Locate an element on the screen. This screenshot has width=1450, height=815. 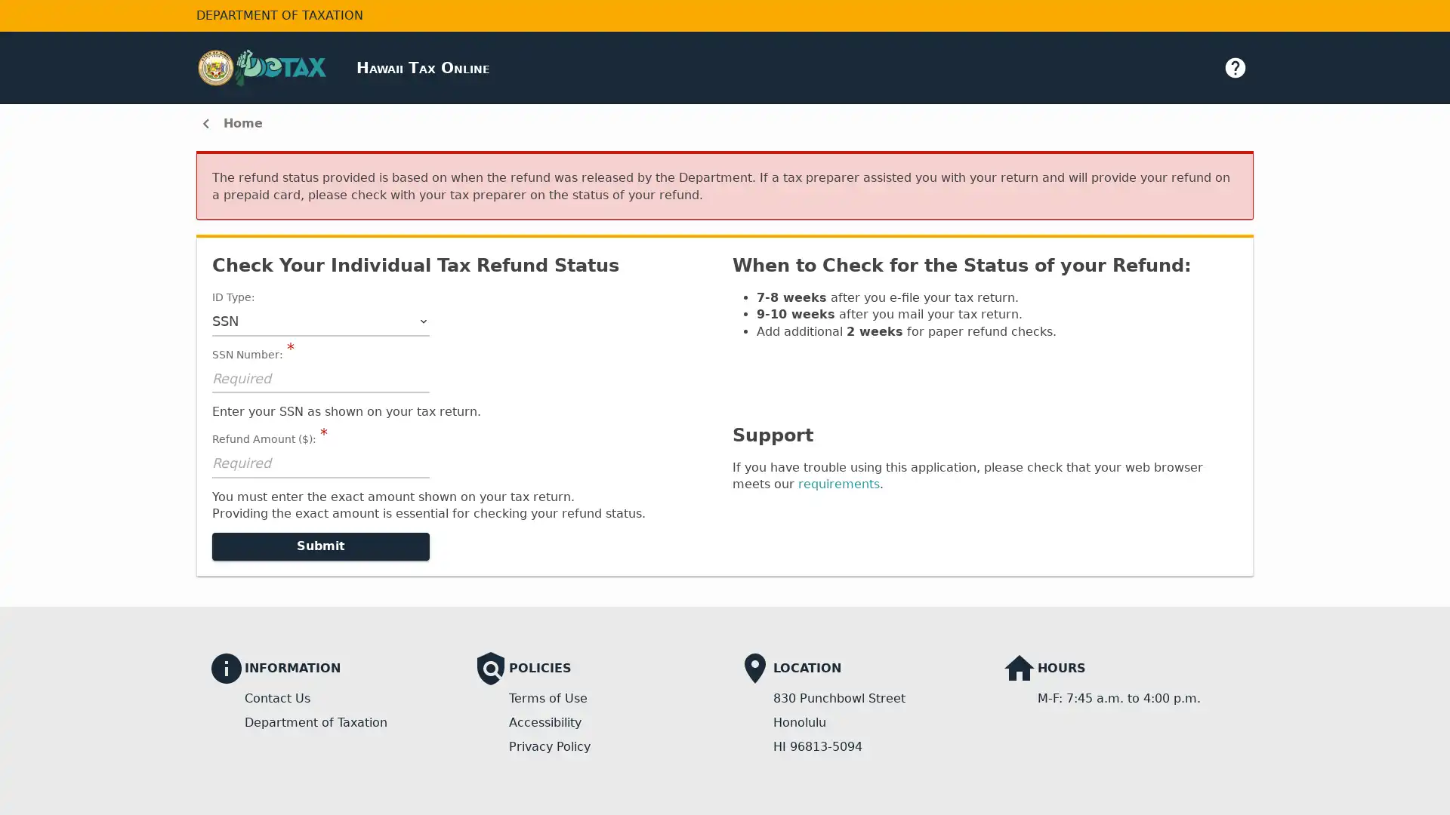
Submit is located at coordinates (320, 546).